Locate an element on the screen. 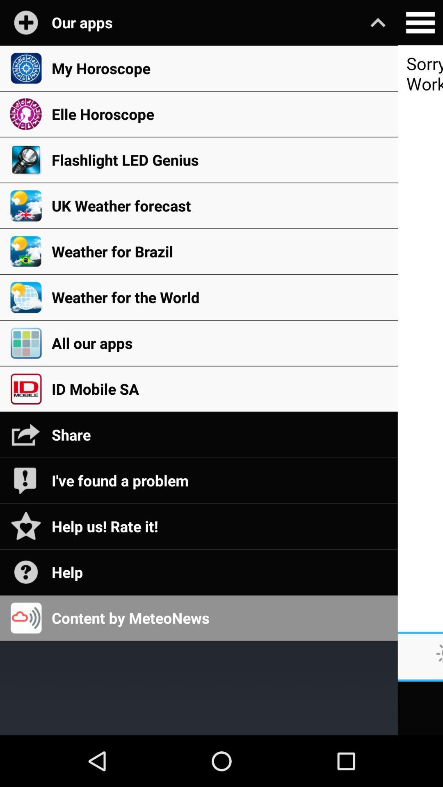  seach is located at coordinates (420, 23).